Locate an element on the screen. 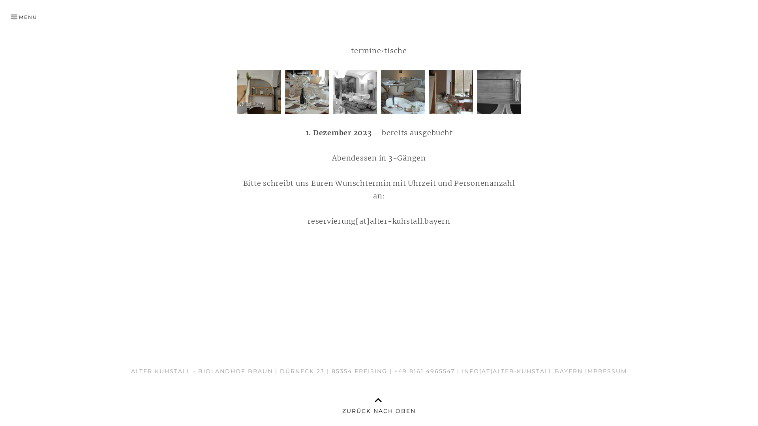 The width and height of the screenshot is (758, 426). 'Raum 4' is located at coordinates (369, 91).